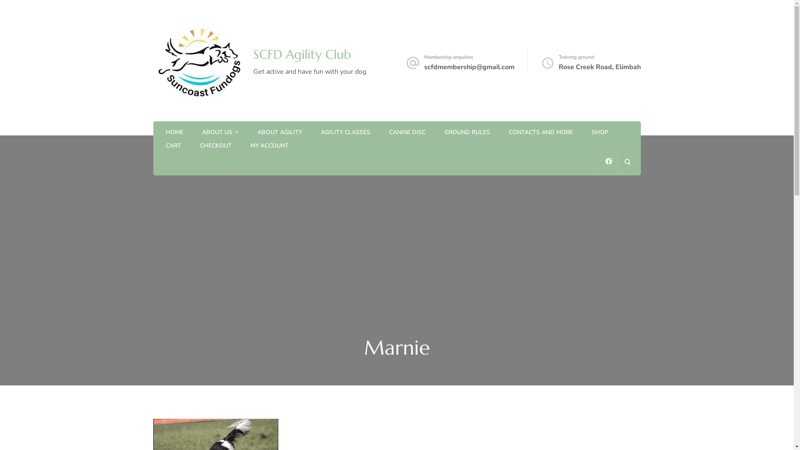  Describe the element at coordinates (600, 132) in the screenshot. I see `'SHOP'` at that location.